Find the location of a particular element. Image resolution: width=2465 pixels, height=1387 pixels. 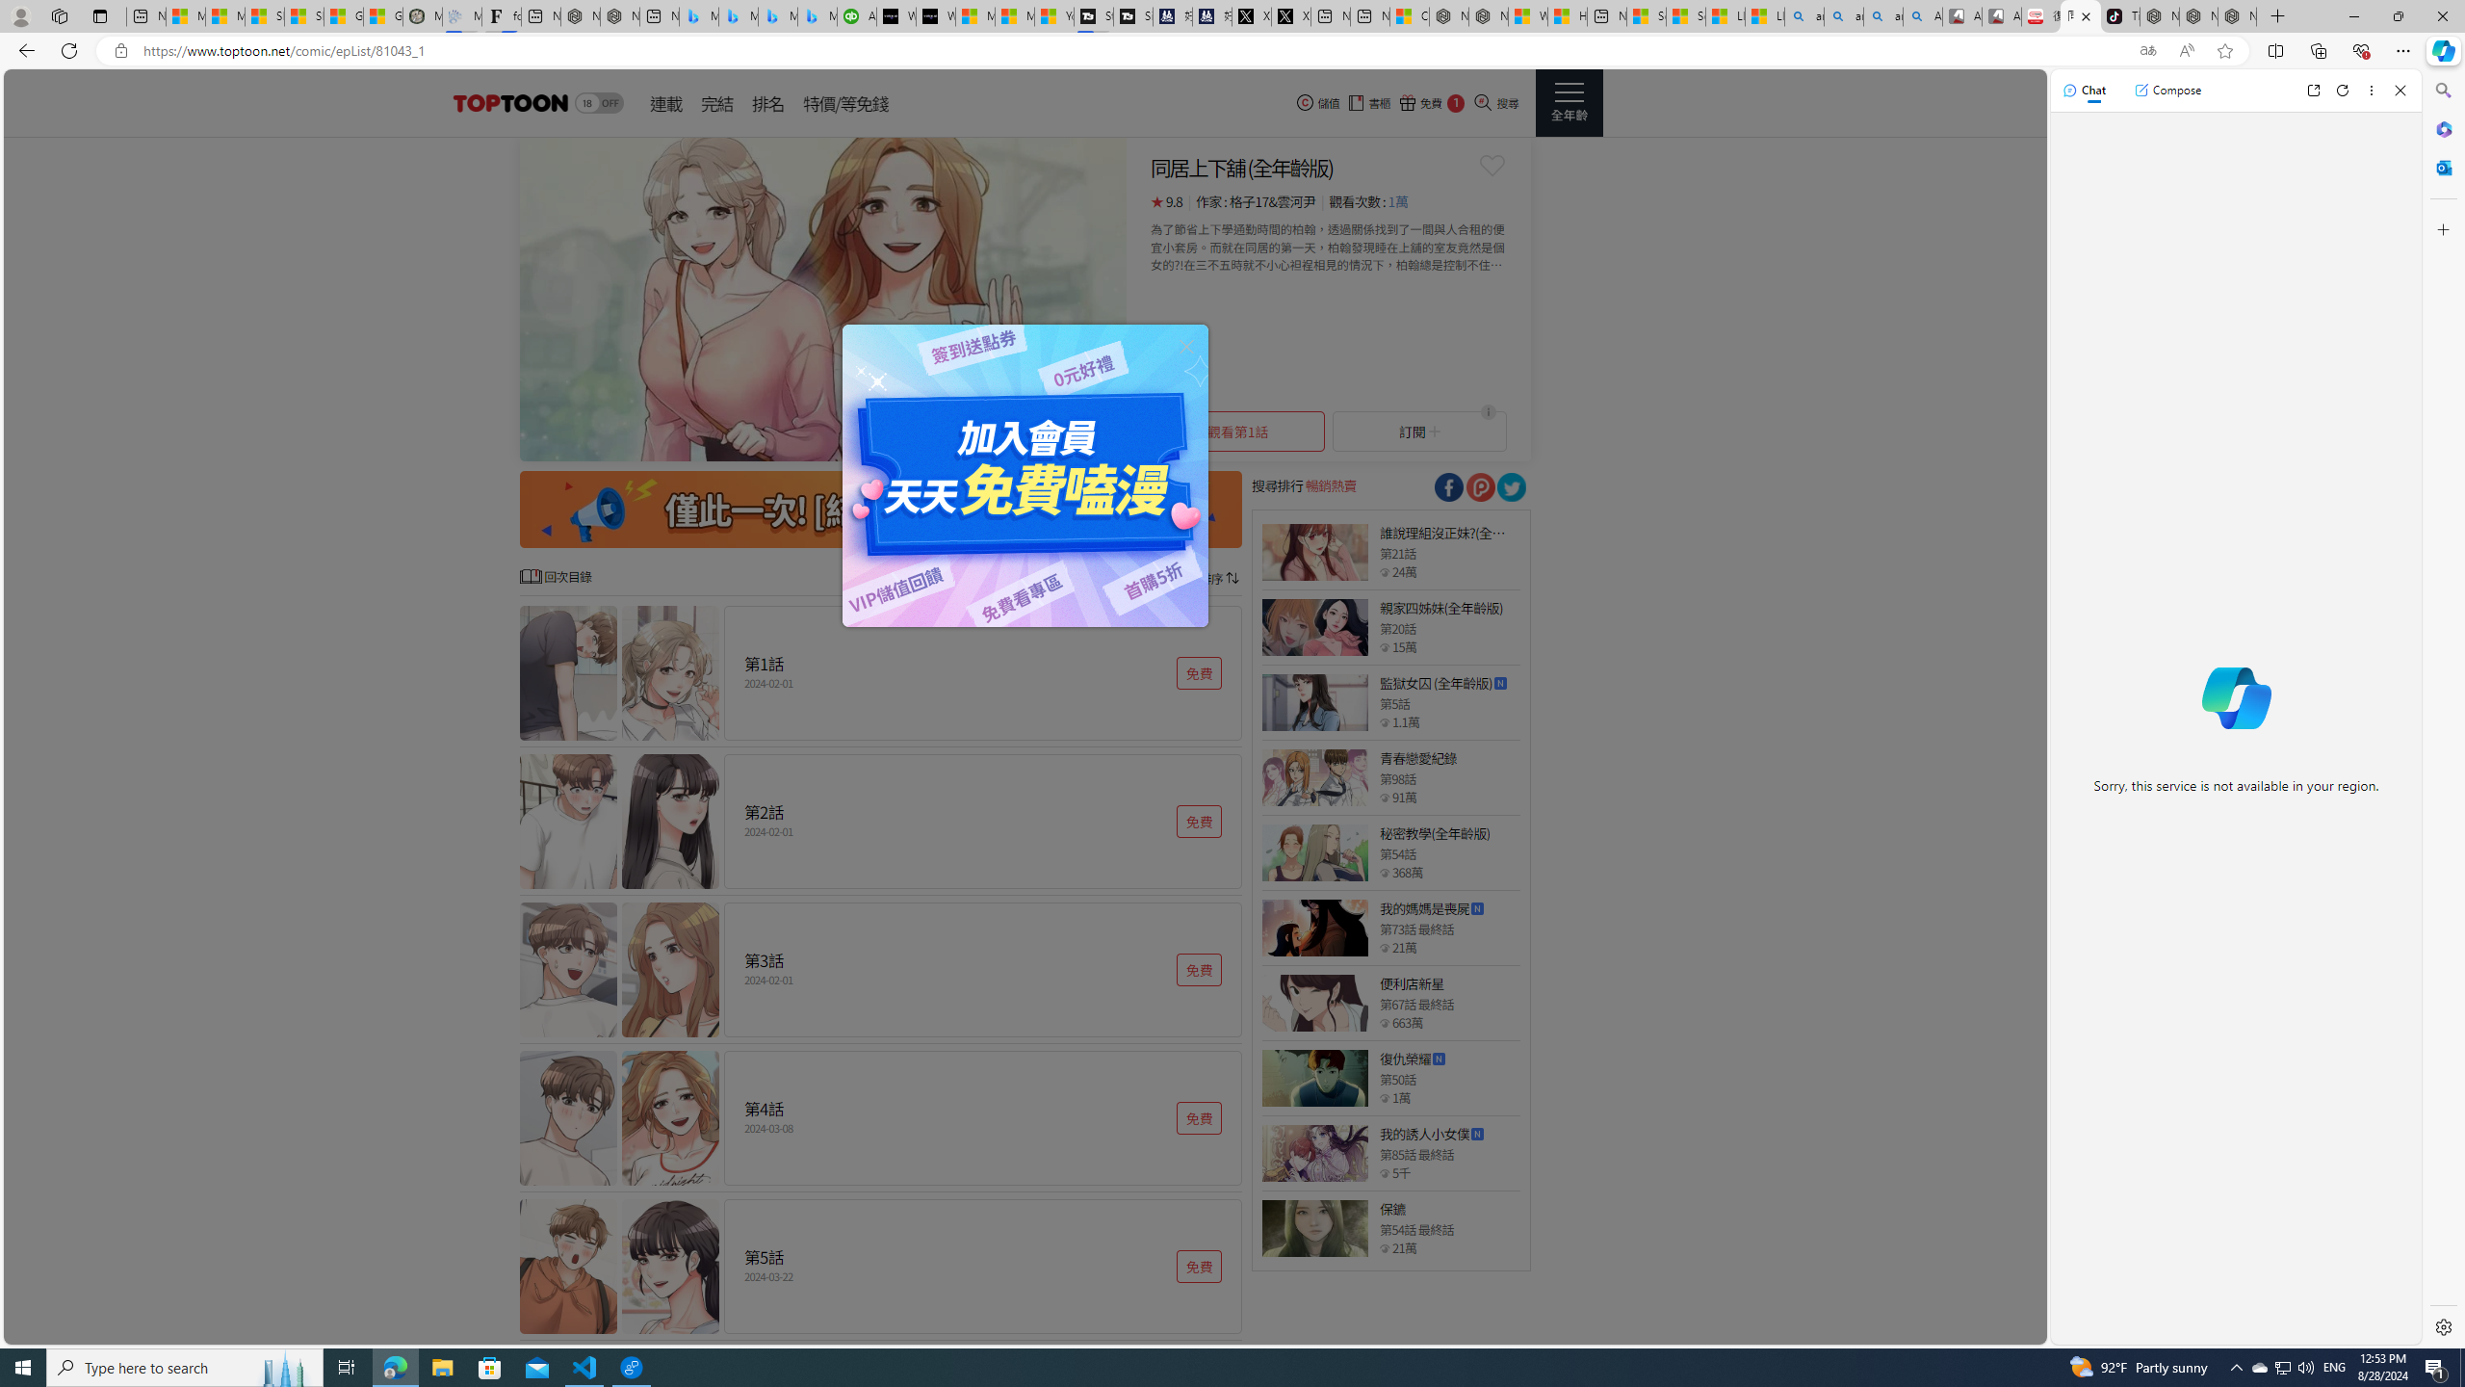

'Amazon Echo Robot - Search Images' is located at coordinates (1922, 15).